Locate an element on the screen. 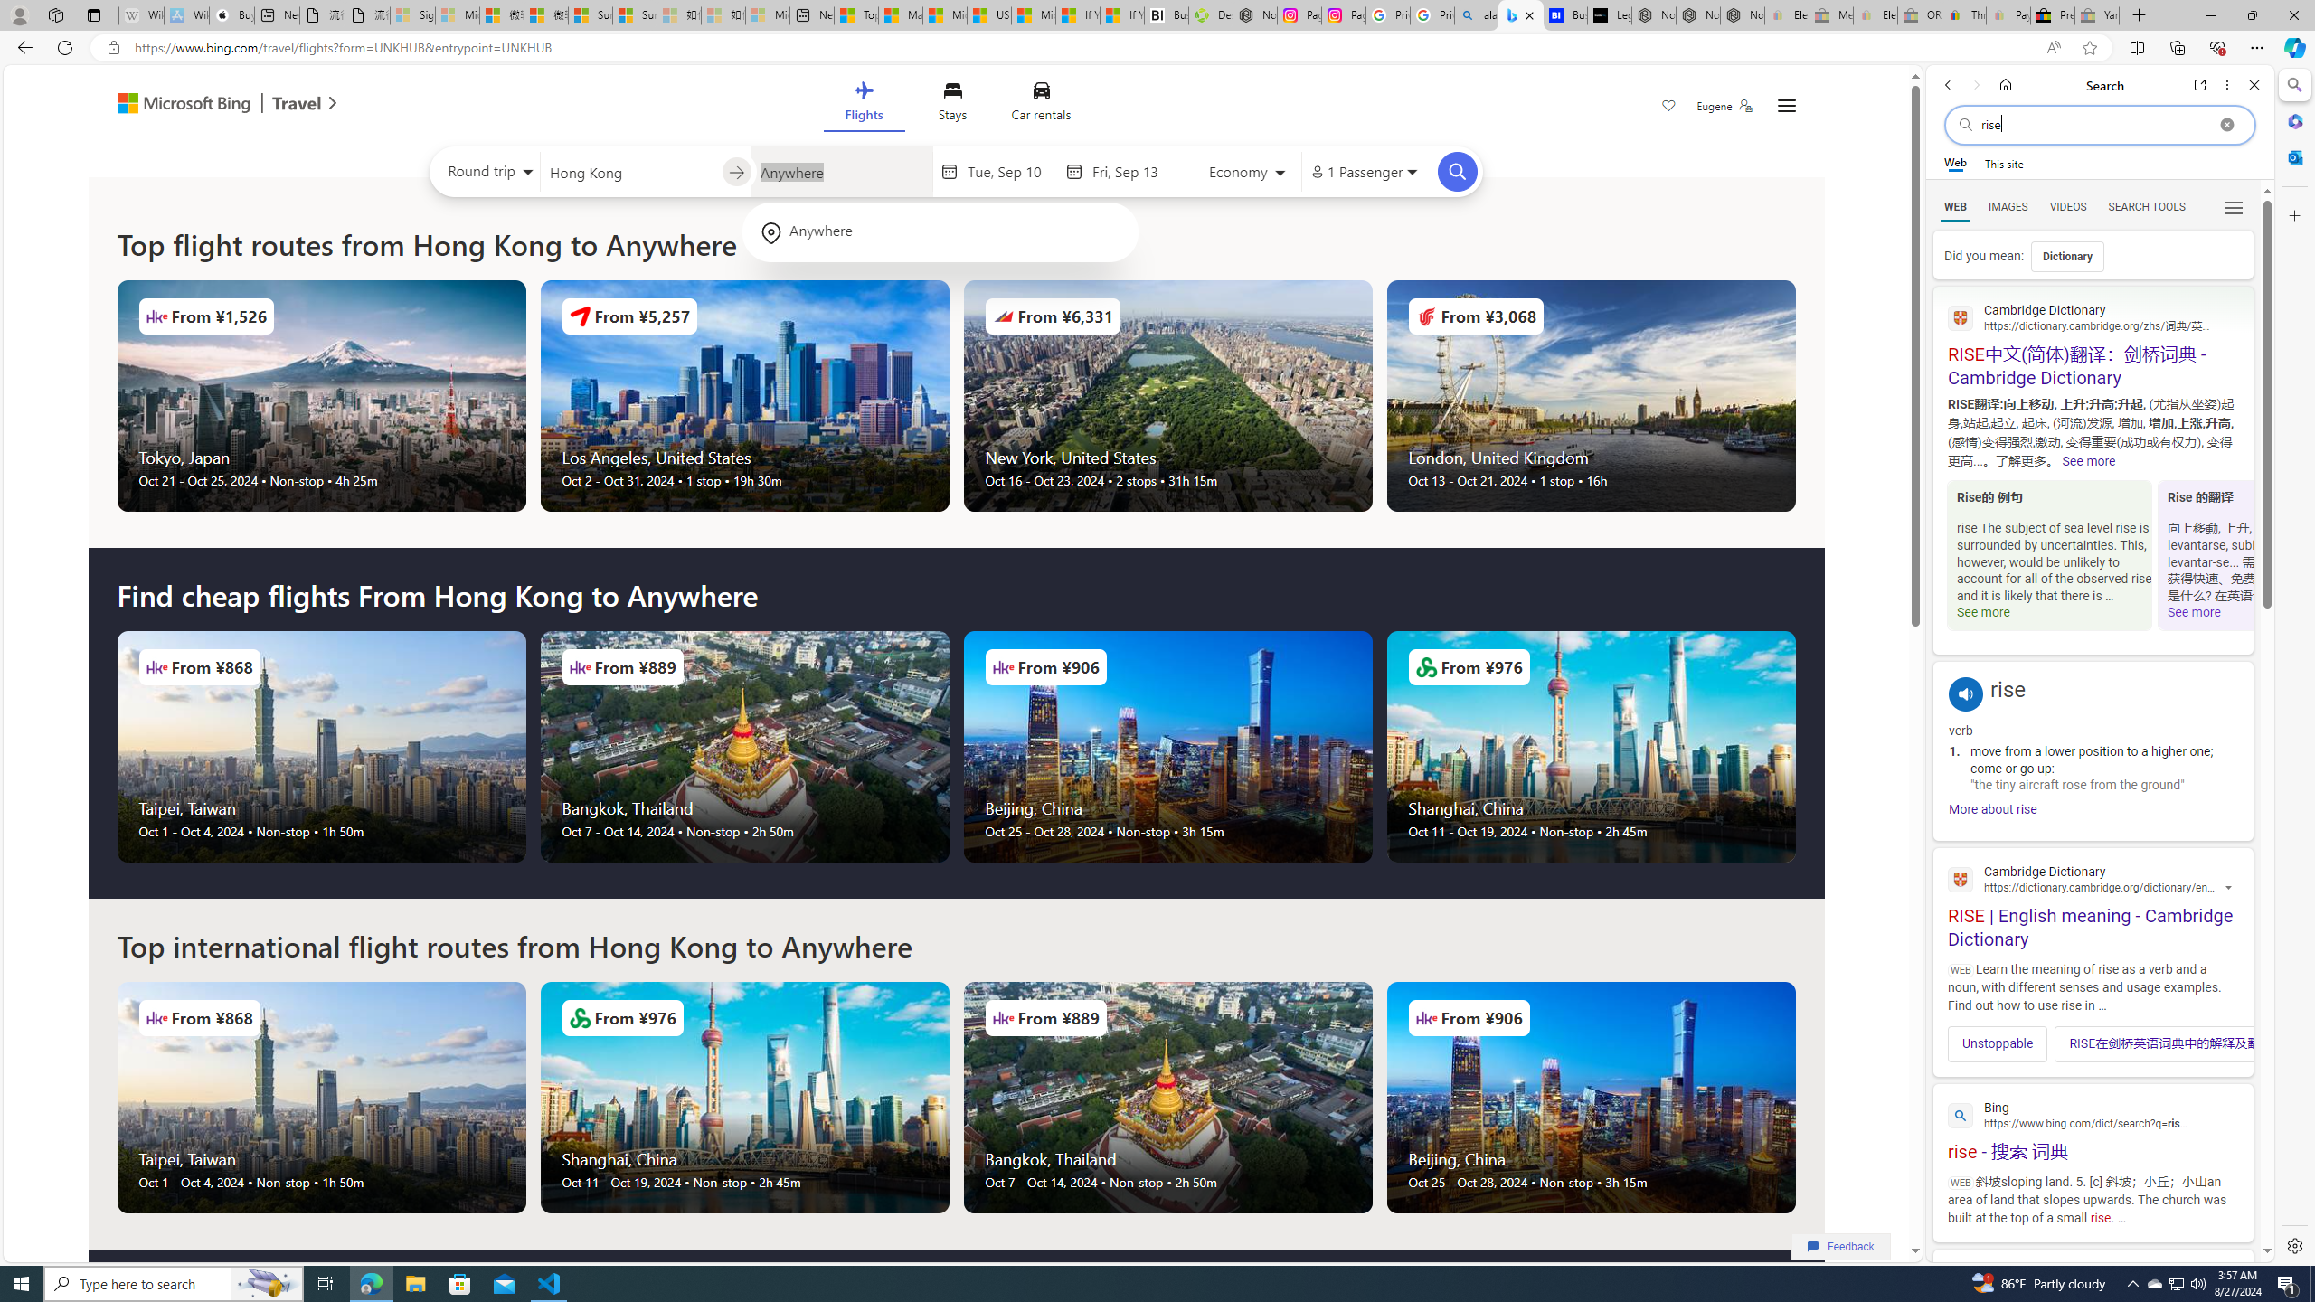 The height and width of the screenshot is (1302, 2315). 'Microsoft Services Agreement - Sleeping' is located at coordinates (457, 14).